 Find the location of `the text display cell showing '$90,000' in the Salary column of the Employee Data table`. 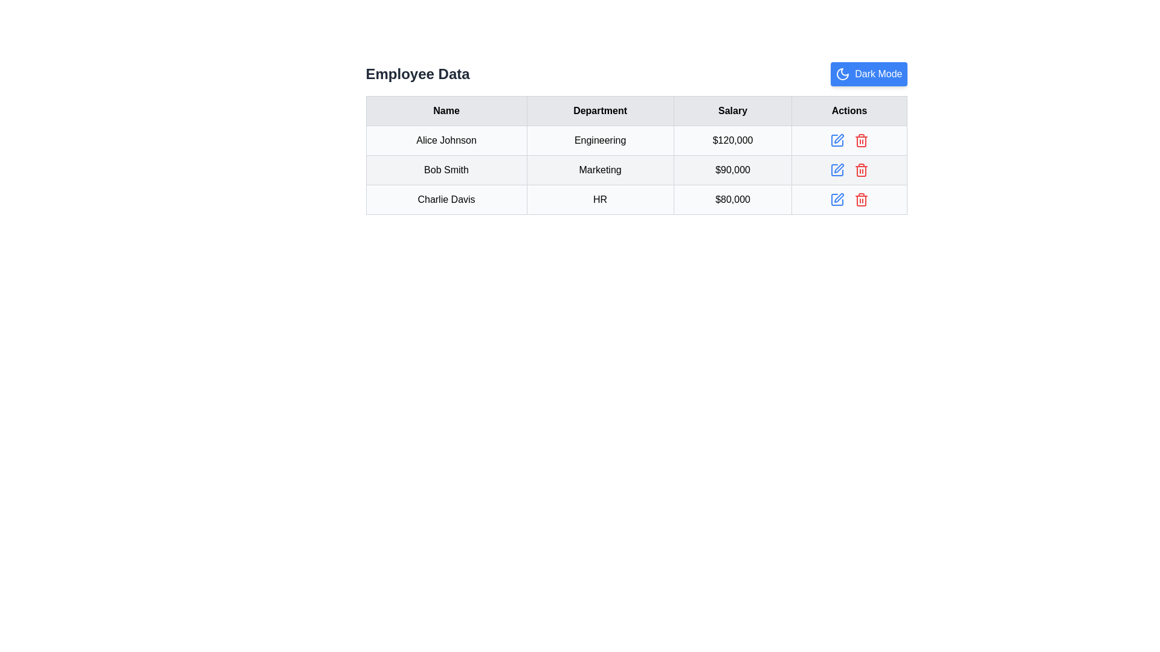

the text display cell showing '$90,000' in the Salary column of the Employee Data table is located at coordinates (732, 170).